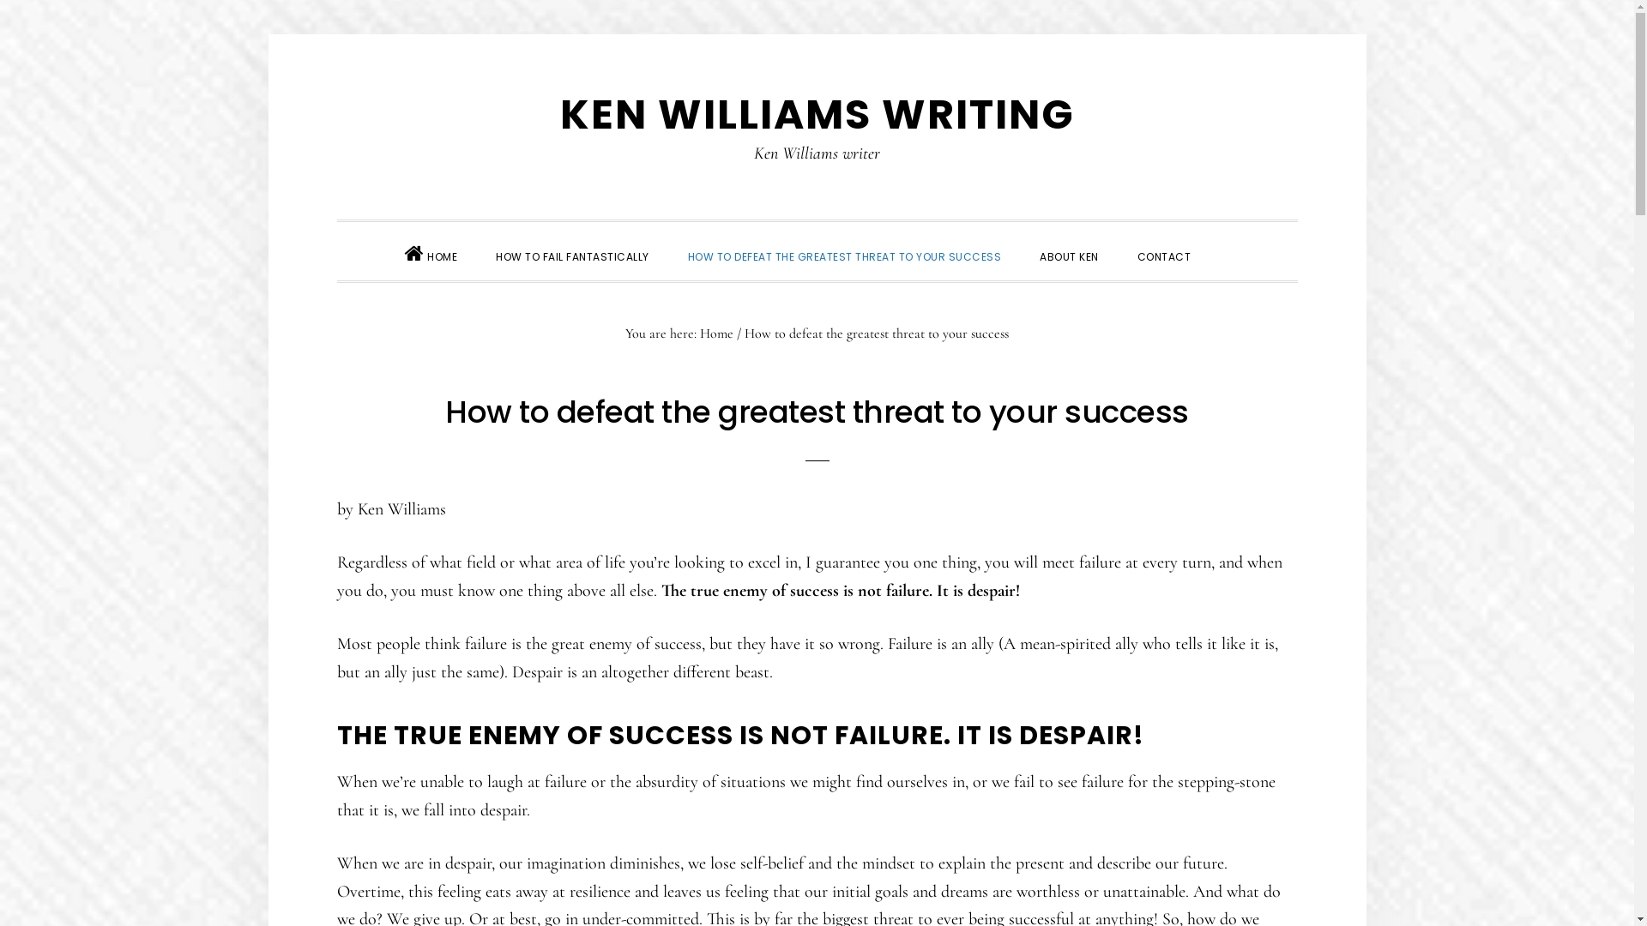  What do you see at coordinates (716, 333) in the screenshot?
I see `'Home'` at bounding box center [716, 333].